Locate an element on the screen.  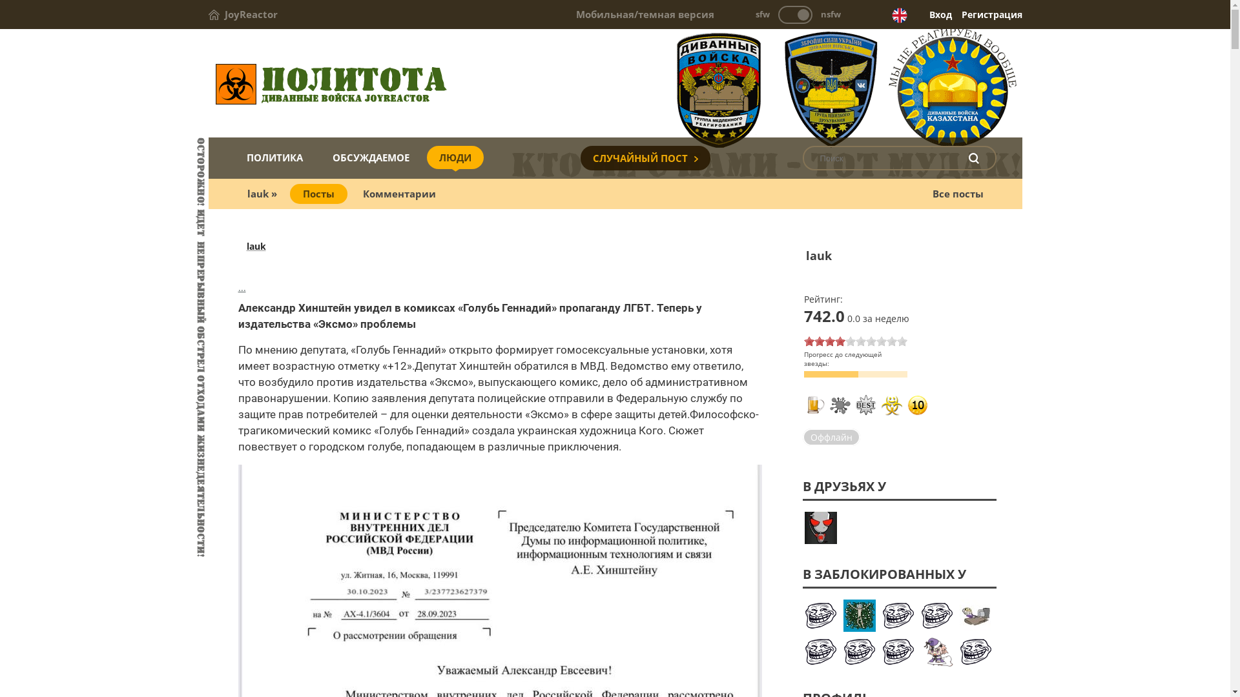
'nikshepard' is located at coordinates (976, 652).